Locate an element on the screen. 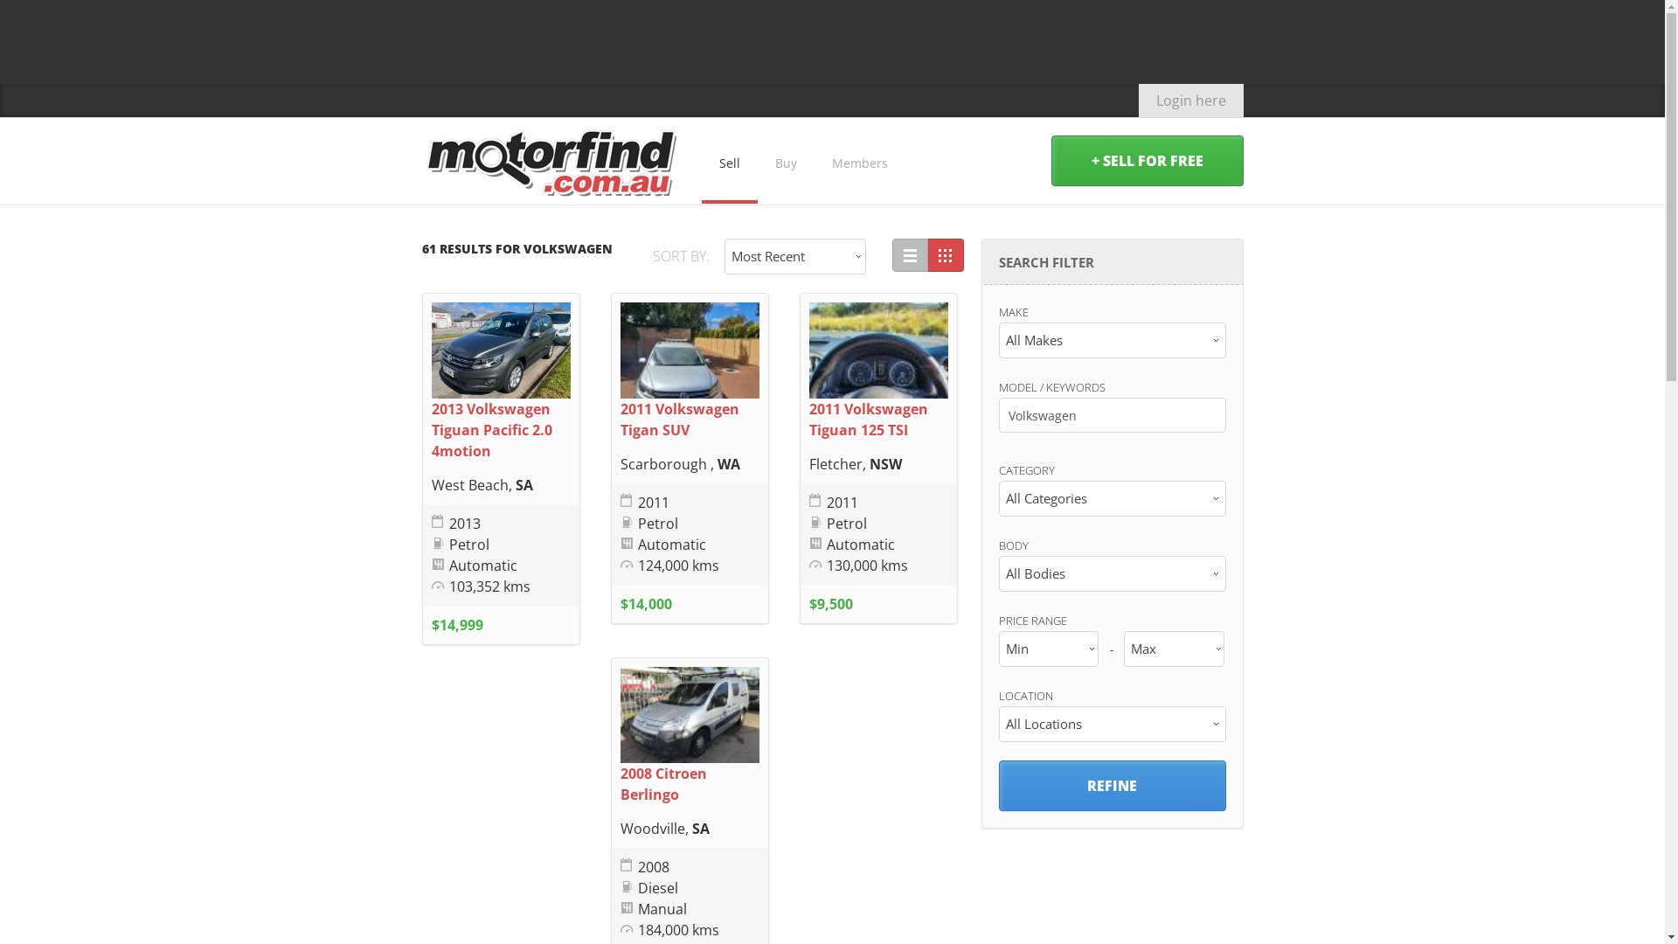 Image resolution: width=1678 pixels, height=944 pixels. 'REFINE' is located at coordinates (1111, 784).